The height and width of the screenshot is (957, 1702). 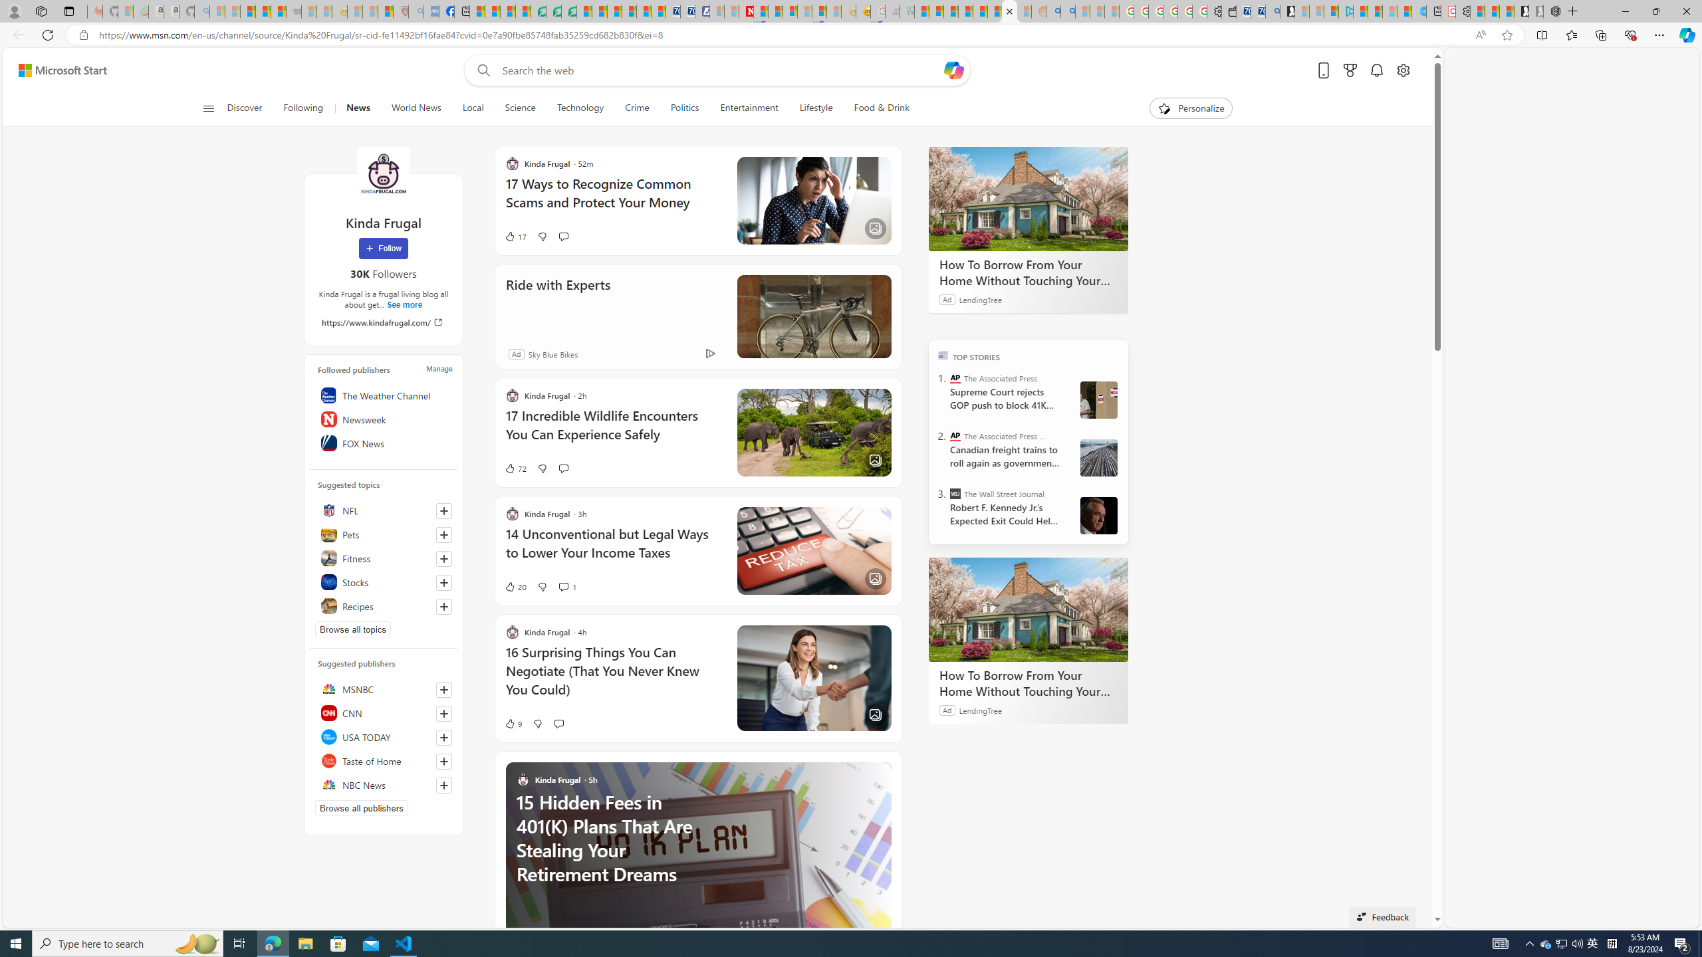 I want to click on 'Browse all topics', so click(x=352, y=628).